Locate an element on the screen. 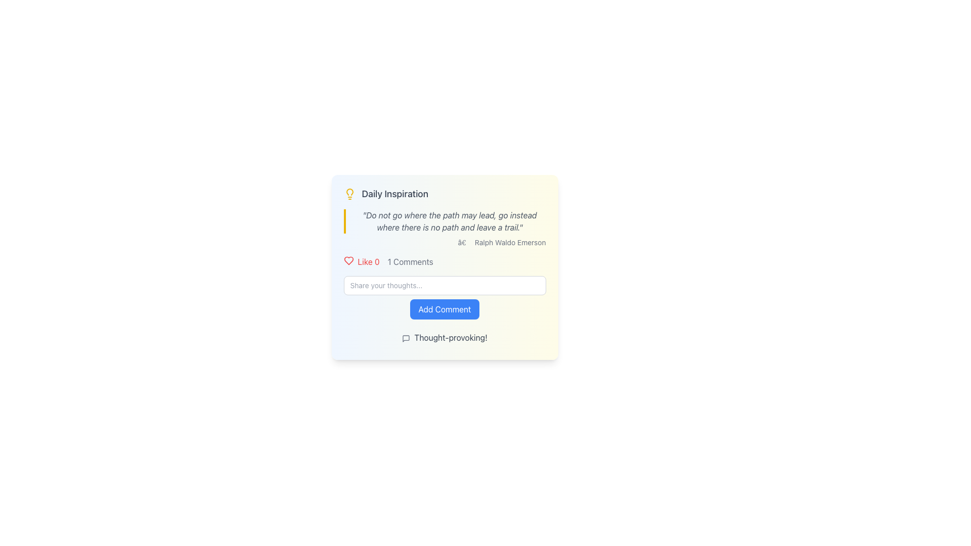 The width and height of the screenshot is (971, 546). the submit button located below the 'Share your thoughts...' input field in the 'Daily Inspiration' card is located at coordinates (445, 309).